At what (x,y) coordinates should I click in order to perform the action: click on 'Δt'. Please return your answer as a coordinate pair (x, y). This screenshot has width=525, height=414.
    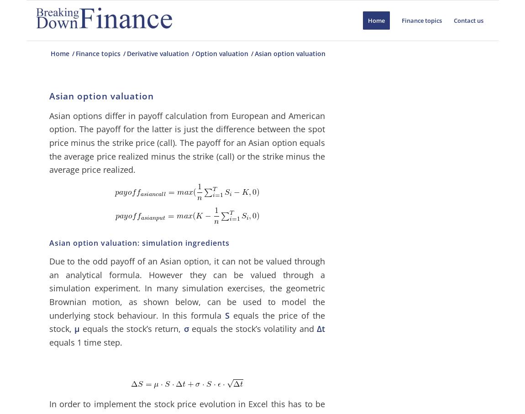
    Looking at the image, I should click on (320, 329).